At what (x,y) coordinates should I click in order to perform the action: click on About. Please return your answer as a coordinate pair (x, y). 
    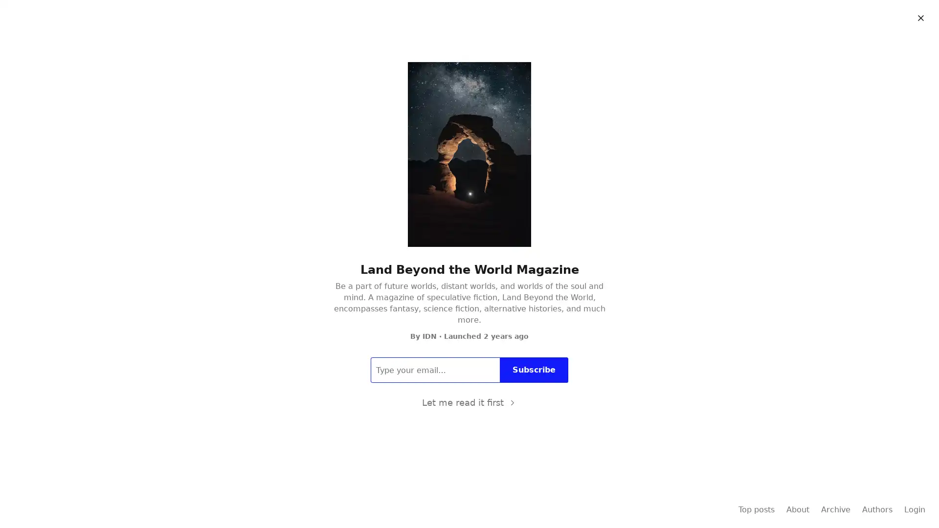
    Looking at the image, I should click on (505, 43).